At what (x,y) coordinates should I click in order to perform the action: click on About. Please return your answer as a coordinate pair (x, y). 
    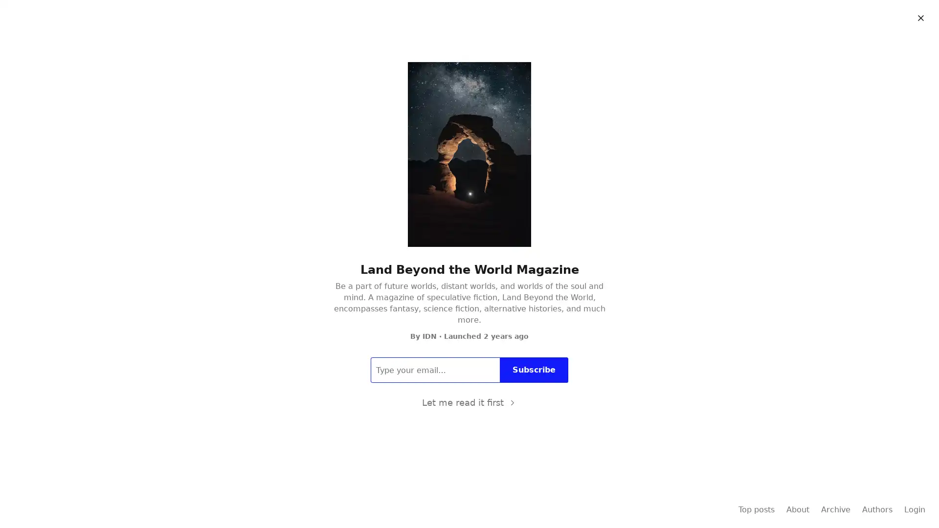
    Looking at the image, I should click on (505, 43).